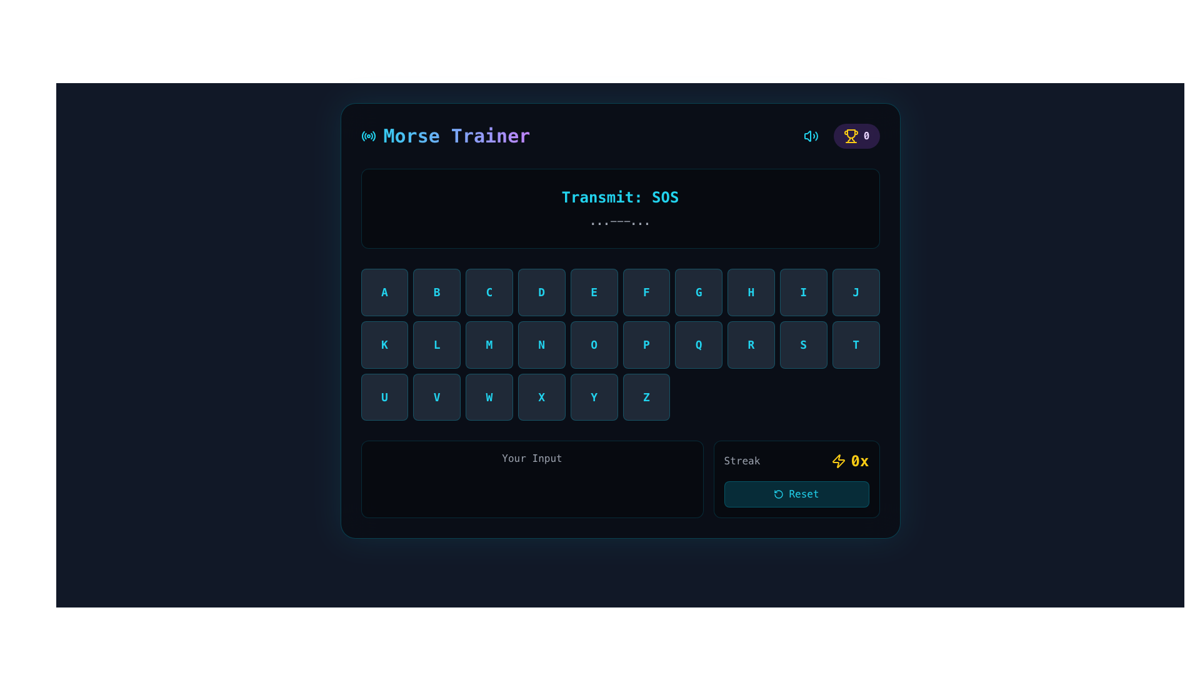  Describe the element at coordinates (541, 292) in the screenshot. I see `the square button with a rounded border, containing the letter 'D' in cyan text, to input 'D'` at that location.